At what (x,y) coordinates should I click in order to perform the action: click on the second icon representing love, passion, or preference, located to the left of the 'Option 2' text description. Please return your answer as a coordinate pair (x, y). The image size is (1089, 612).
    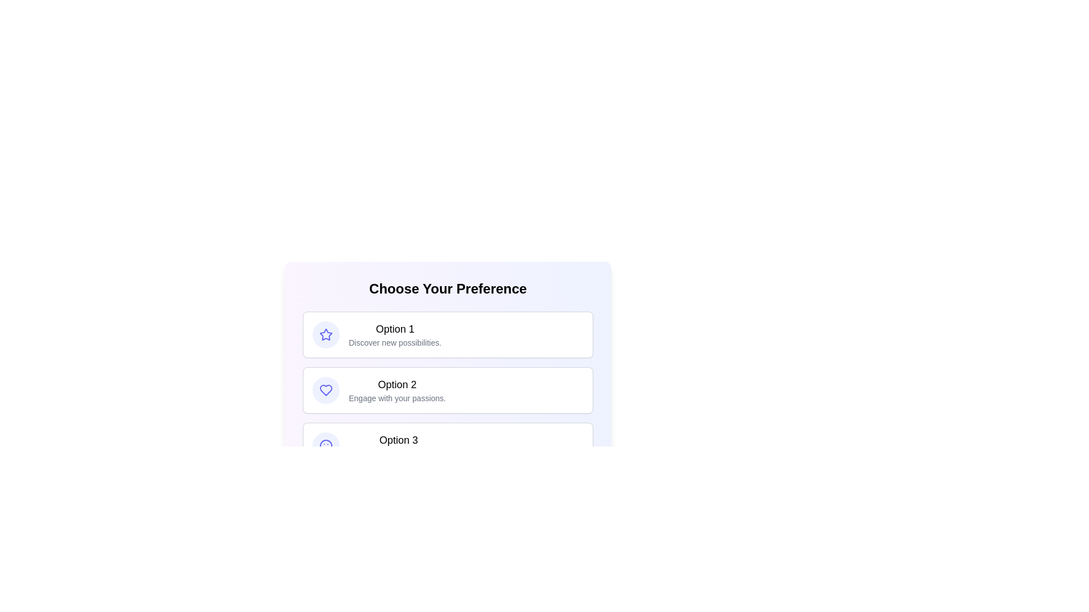
    Looking at the image, I should click on (326, 390).